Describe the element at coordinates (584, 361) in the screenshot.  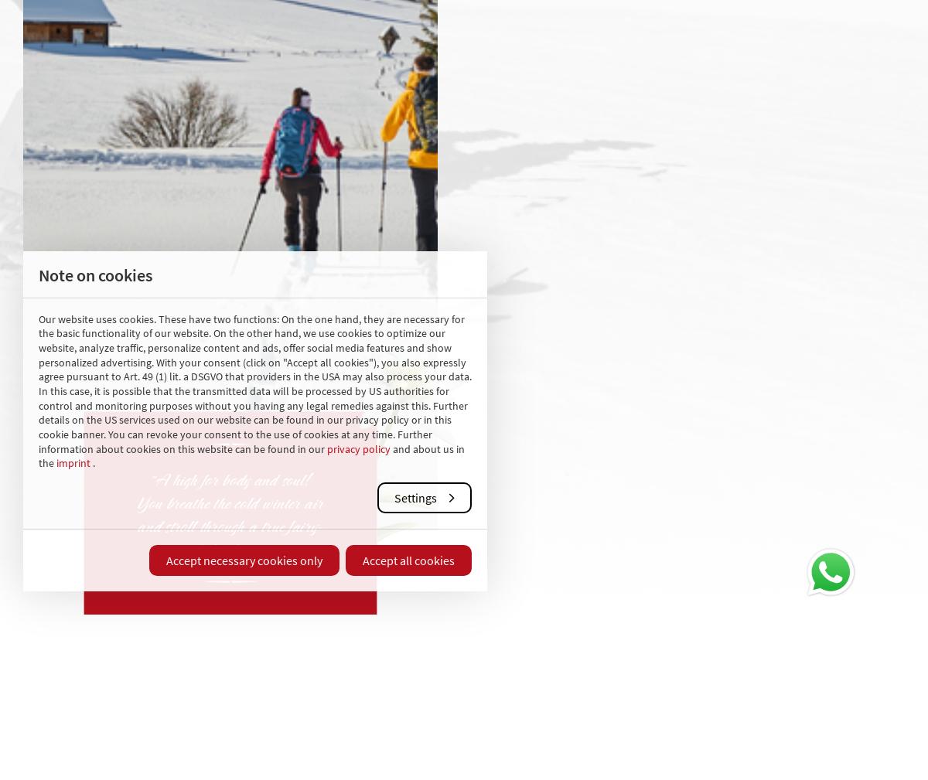
I see `'Newsletter'` at that location.